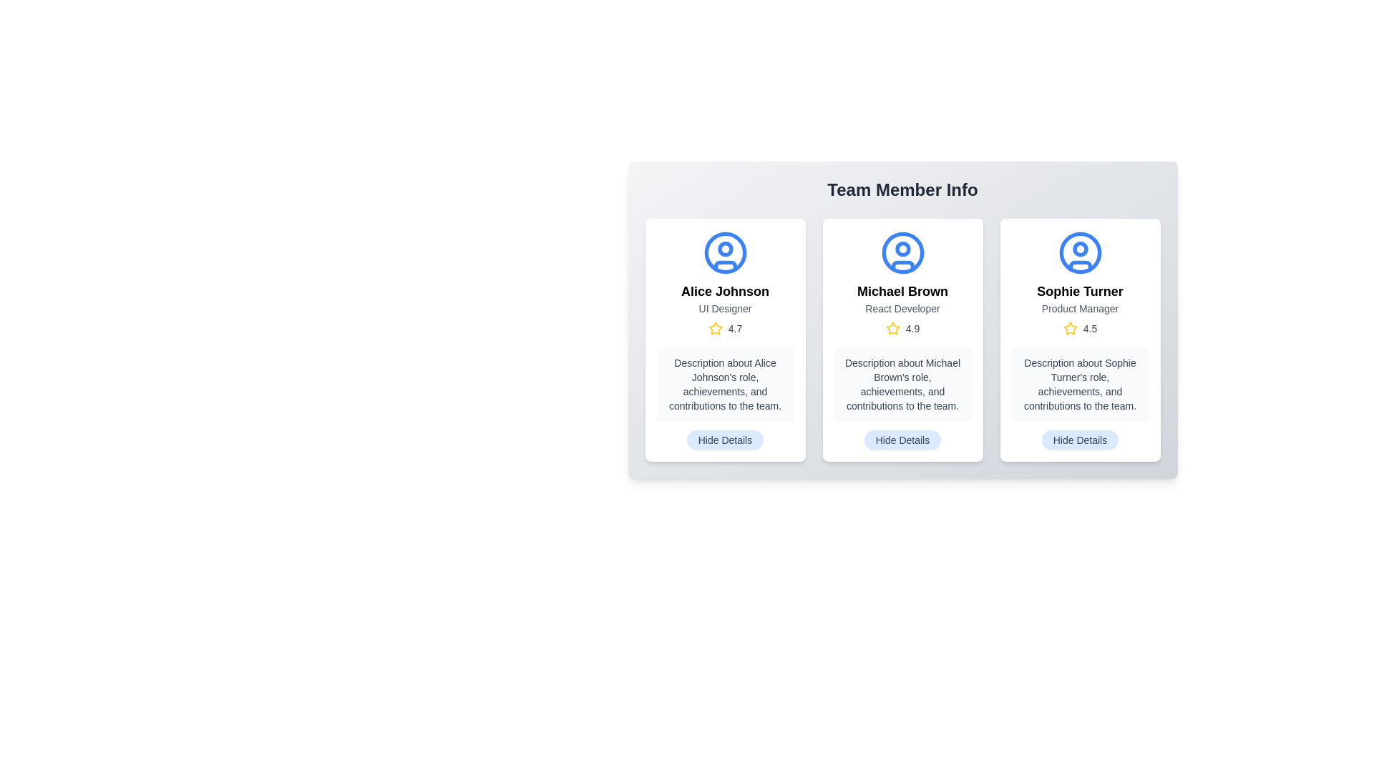  I want to click on the small blue circular decorative element within the avatar icon at the top center of the card representing 'Alice Johnson - UI Designer', so click(725, 248).